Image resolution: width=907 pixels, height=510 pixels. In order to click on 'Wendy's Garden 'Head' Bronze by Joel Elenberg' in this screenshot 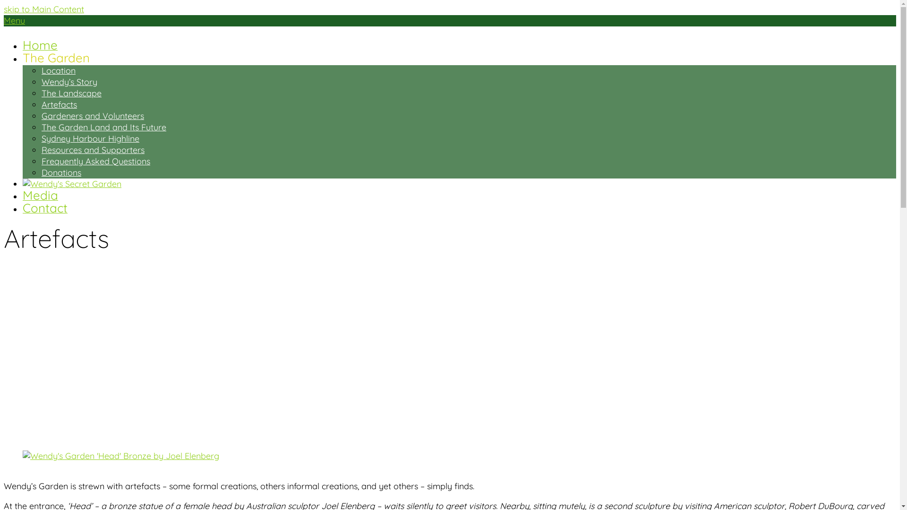, I will do `click(120, 455)`.